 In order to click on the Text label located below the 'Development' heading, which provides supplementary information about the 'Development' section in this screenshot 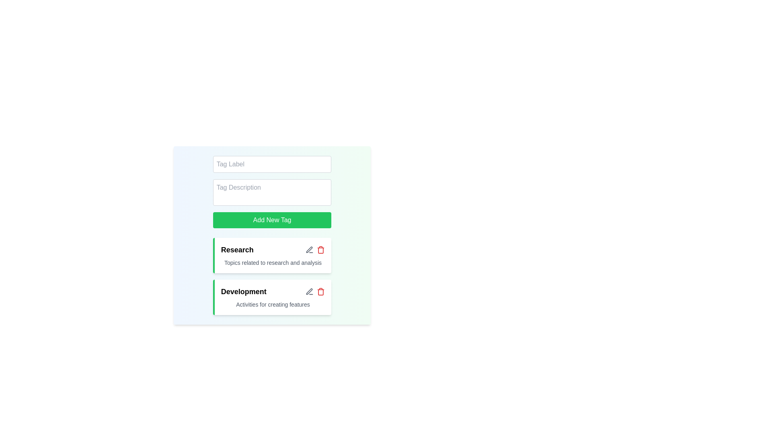, I will do `click(273, 305)`.